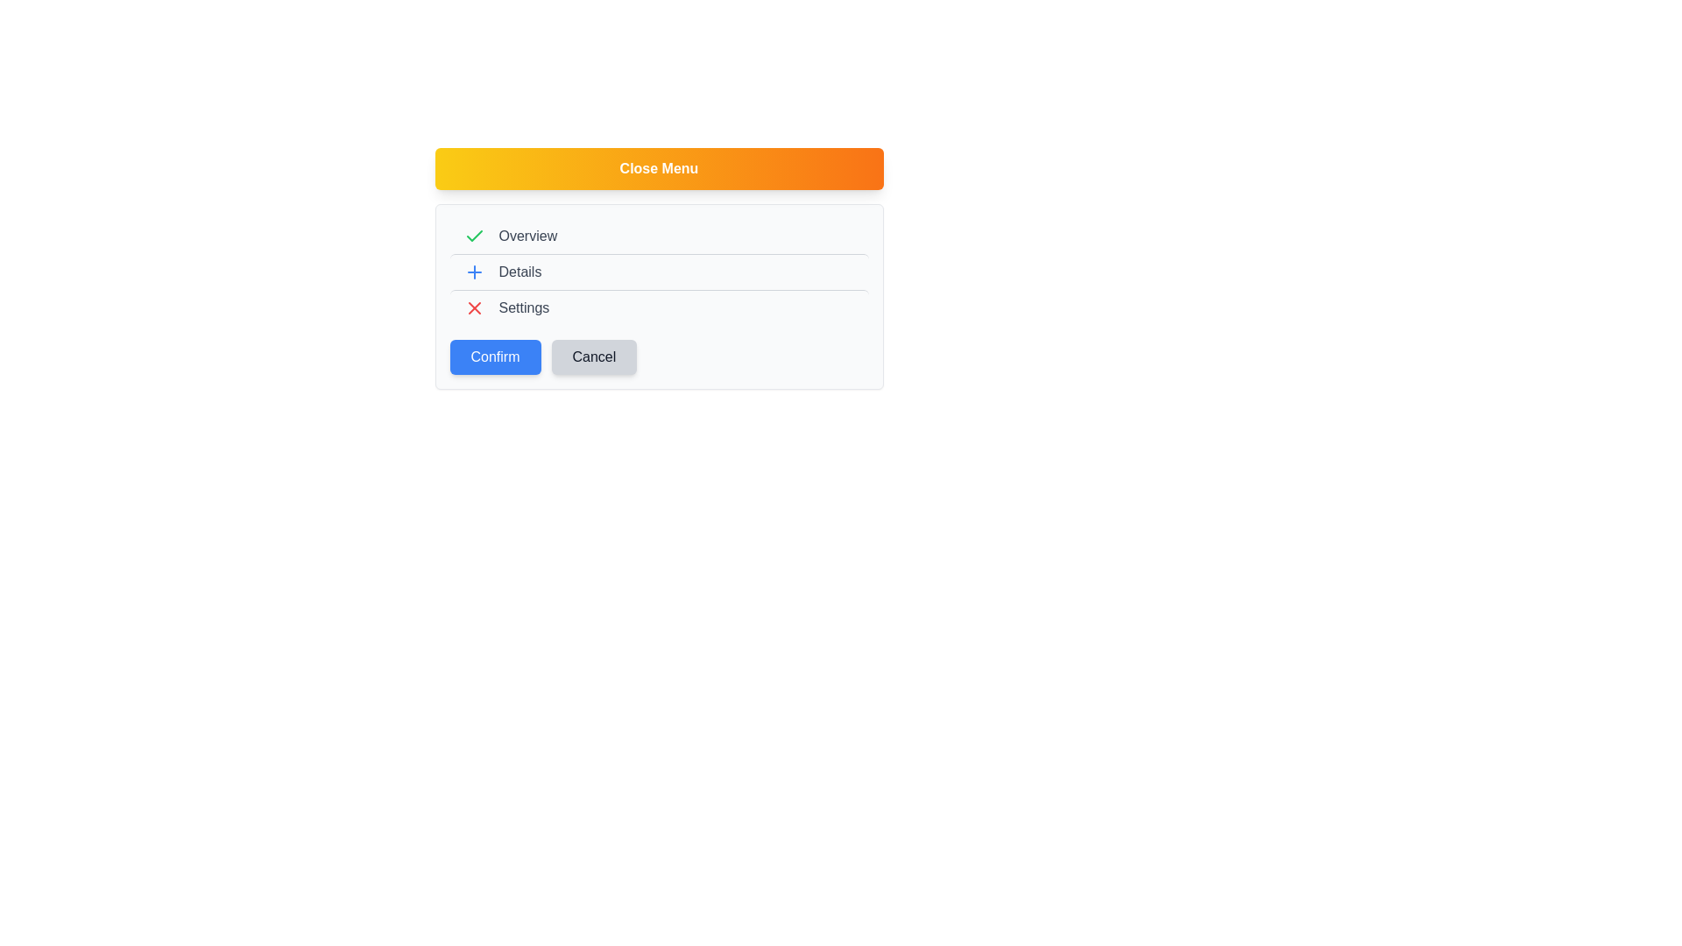 The height and width of the screenshot is (946, 1682). Describe the element at coordinates (593, 357) in the screenshot. I see `the 'Cancel' button` at that location.